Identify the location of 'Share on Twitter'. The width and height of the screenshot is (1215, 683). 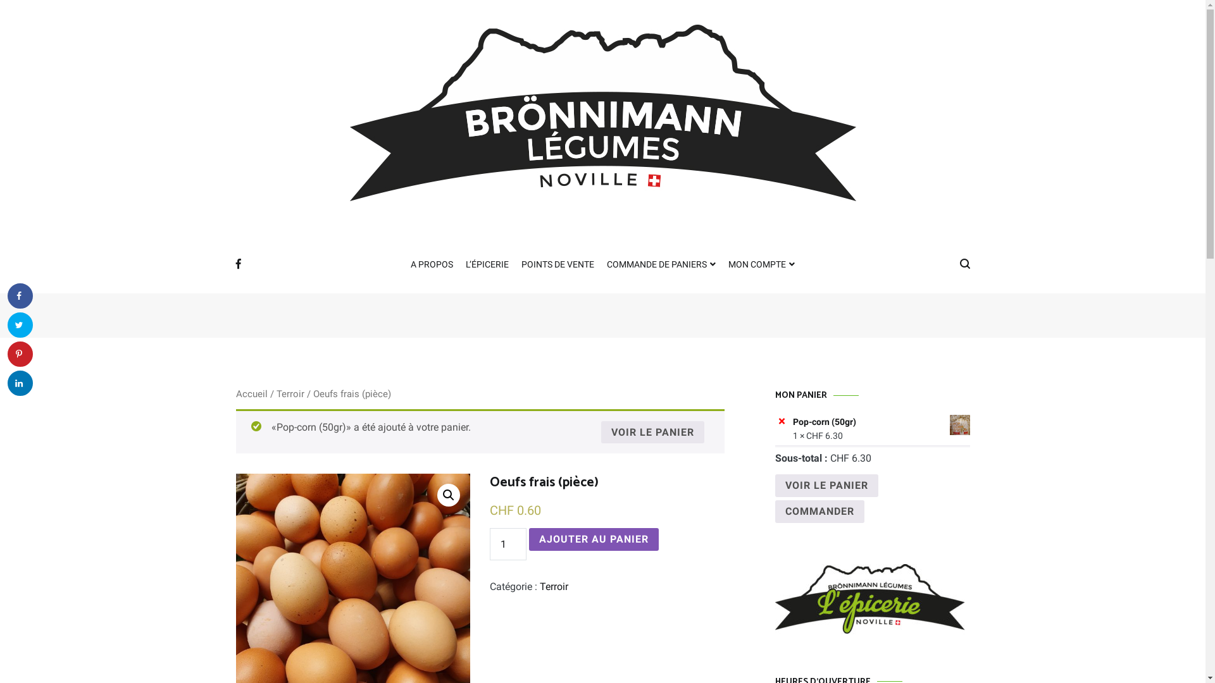
(20, 324).